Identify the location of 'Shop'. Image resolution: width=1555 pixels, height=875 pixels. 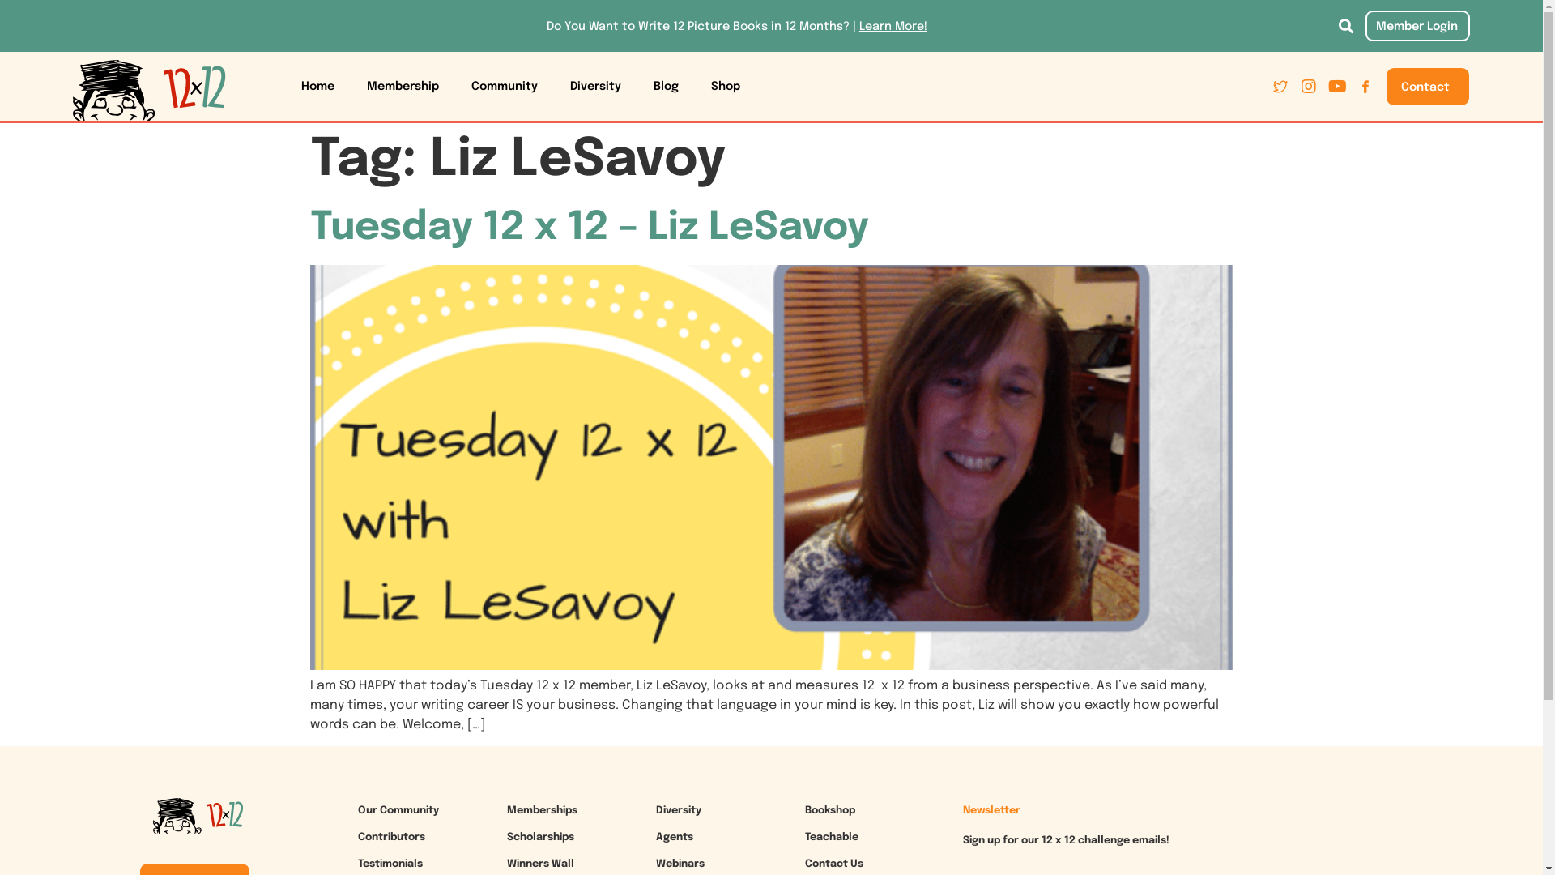
(725, 87).